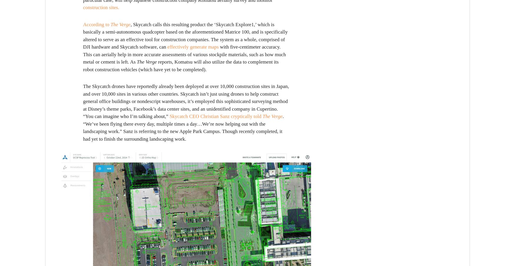  What do you see at coordinates (181, 66) in the screenshot?
I see `'reports, Komatsu will also utilize the data to complement its robot construction vehicles (which have yet to be completed).'` at bounding box center [181, 66].